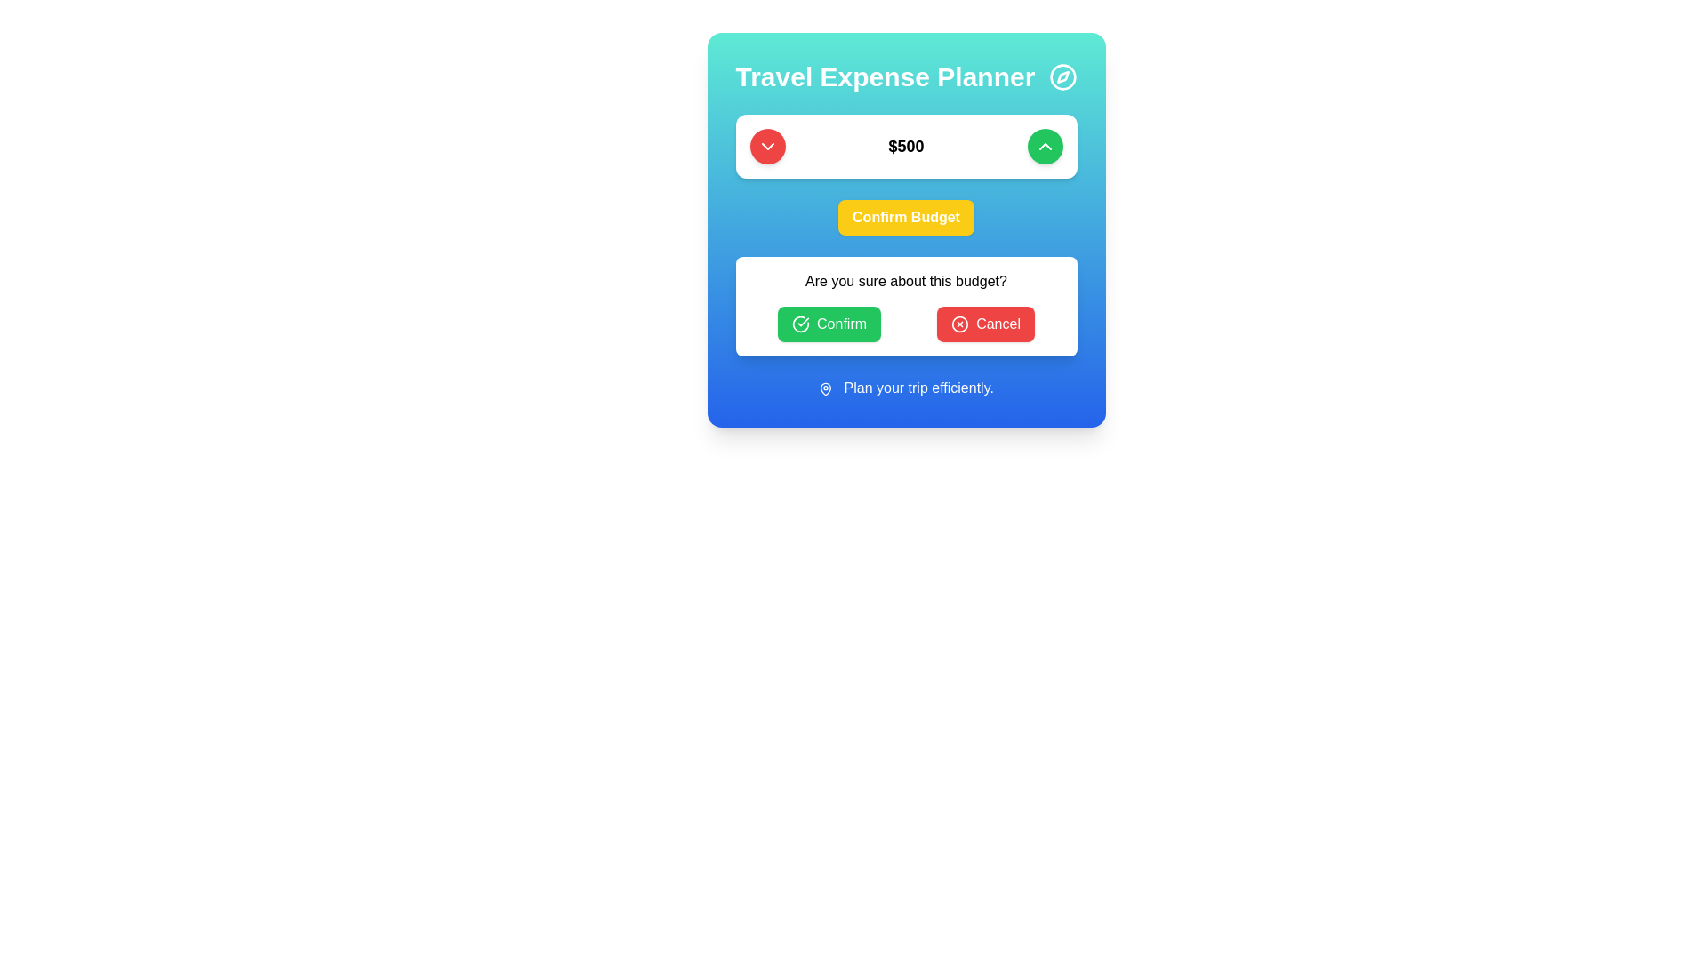 The height and width of the screenshot is (960, 1707). I want to click on the confirmation button located centrally within the card structure to confirm the currently set budget value, so click(906, 228).